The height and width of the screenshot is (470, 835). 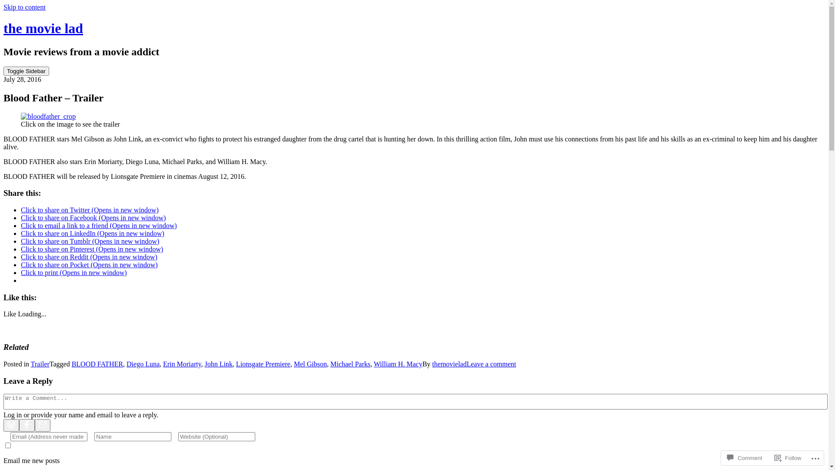 What do you see at coordinates (163, 364) in the screenshot?
I see `'Erin Moriarty'` at bounding box center [163, 364].